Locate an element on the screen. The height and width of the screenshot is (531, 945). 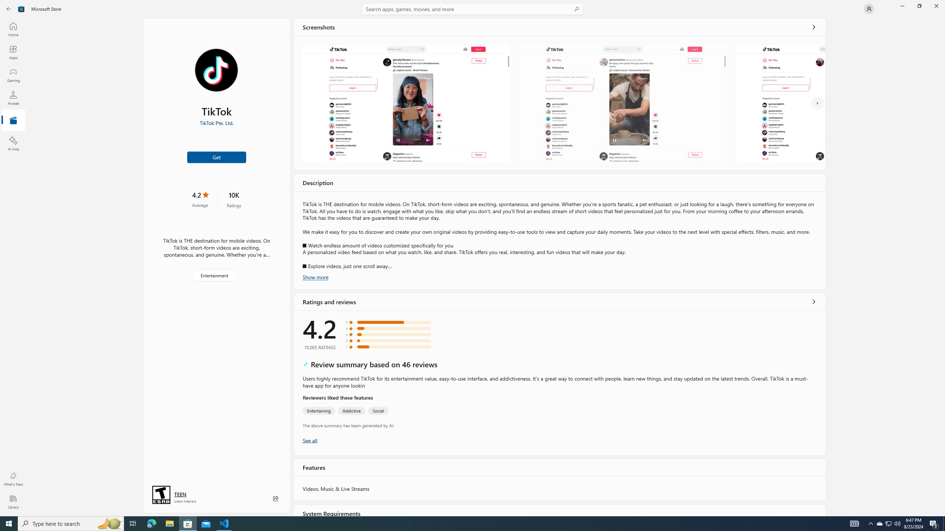
'Show all ratings and reviews' is located at coordinates (310, 440).